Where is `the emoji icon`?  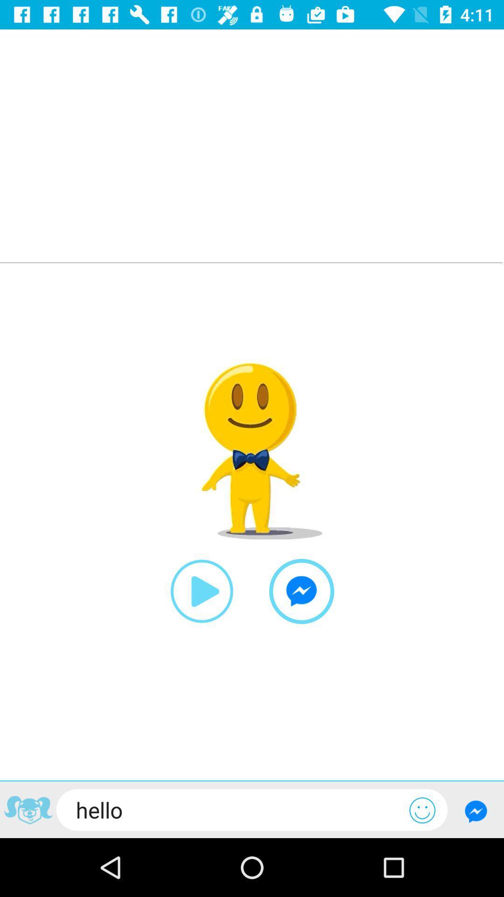 the emoji icon is located at coordinates (422, 810).